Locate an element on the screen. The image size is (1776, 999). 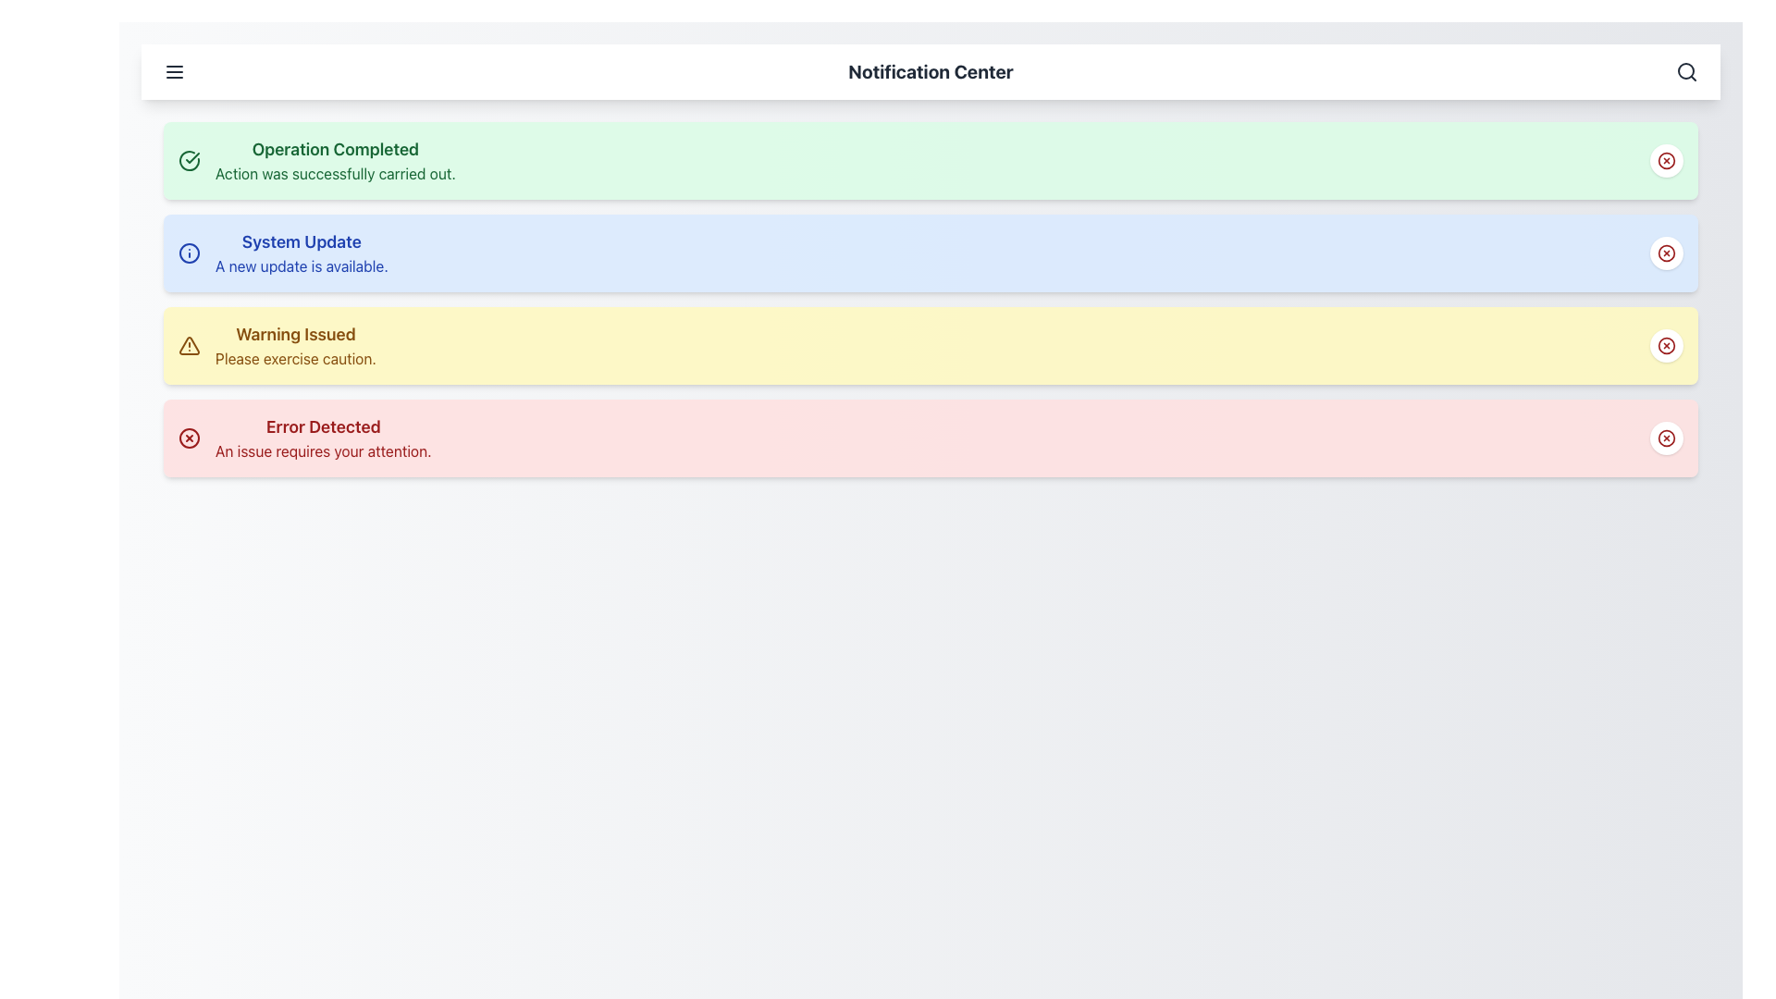
the check mark icon within the green success notification box, which is located to the left of the text 'Operation Completed' is located at coordinates (190, 159).